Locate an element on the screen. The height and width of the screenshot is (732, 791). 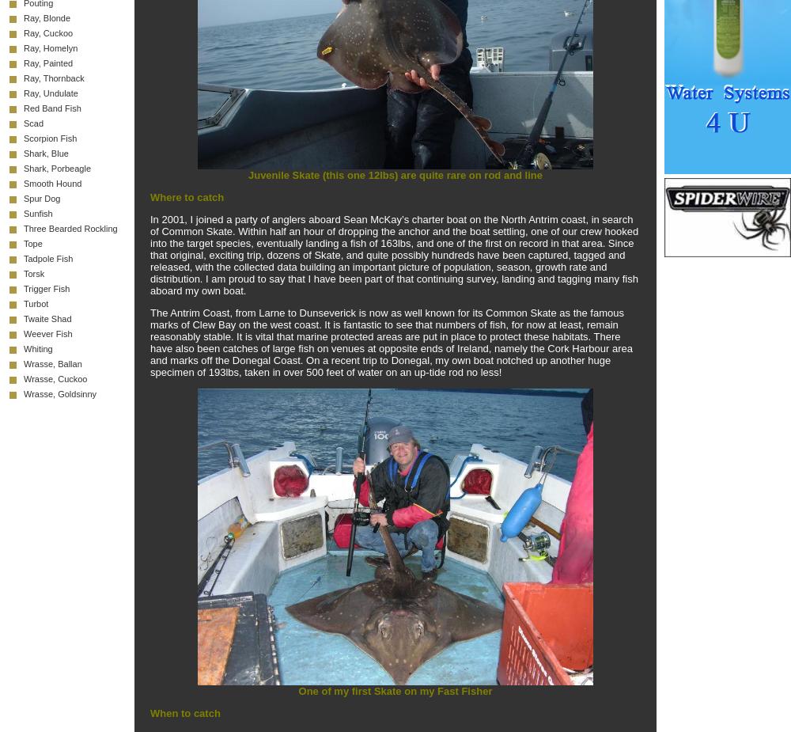
'Ray, Cuckoo' is located at coordinates (48, 32).